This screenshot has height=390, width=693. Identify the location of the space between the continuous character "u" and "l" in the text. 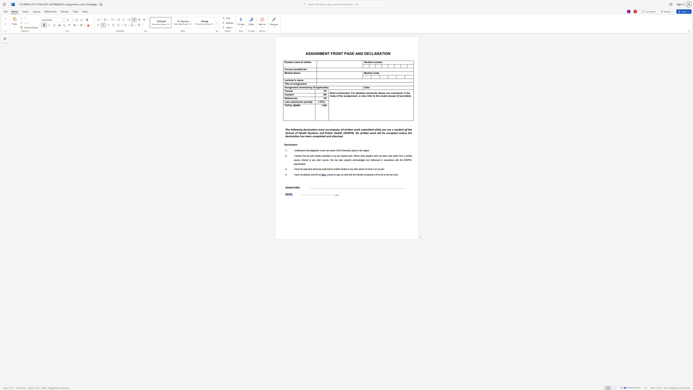
(291, 73).